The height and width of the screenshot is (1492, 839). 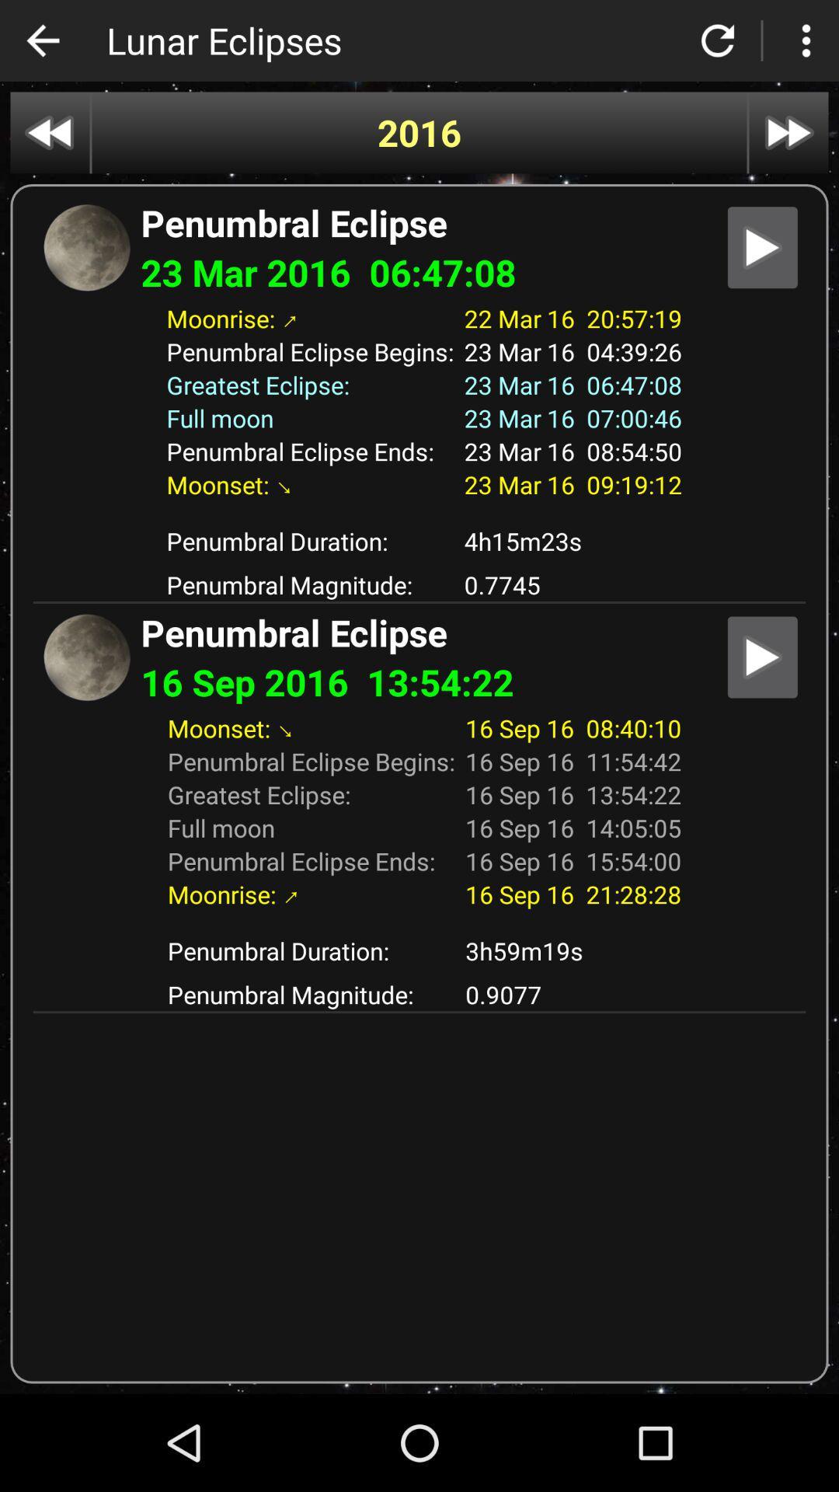 What do you see at coordinates (761, 657) in the screenshot?
I see `file` at bounding box center [761, 657].